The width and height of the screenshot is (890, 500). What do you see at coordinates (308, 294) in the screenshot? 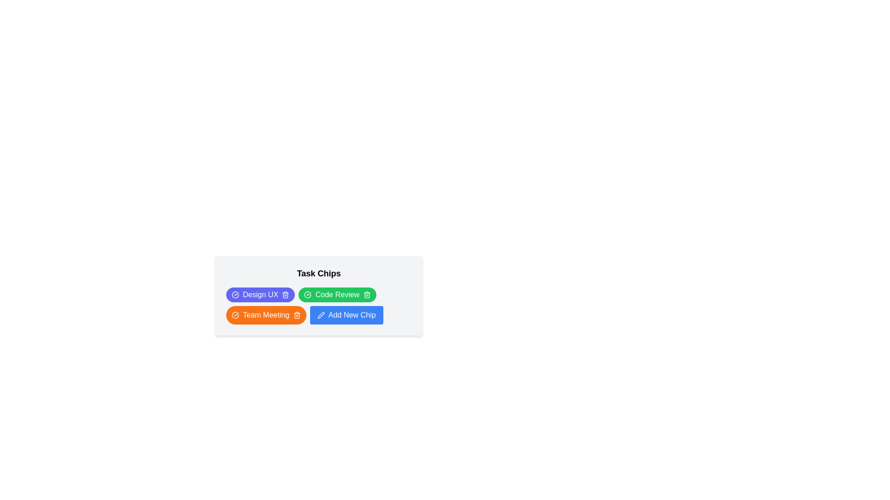
I see `the visual indicator icon for the 'Code Review' task, which is placed within a green pill-shaped button labeled 'Code Review'` at bounding box center [308, 294].